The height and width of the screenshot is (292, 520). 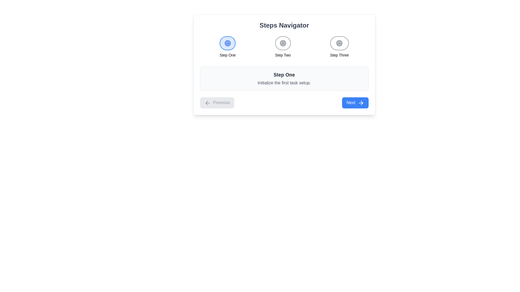 I want to click on the decorative icon representing the 'Step Three' state, which is located within the rounded border area of the 'Step Three' button, the third from the left in the step indicators row, so click(x=339, y=43).